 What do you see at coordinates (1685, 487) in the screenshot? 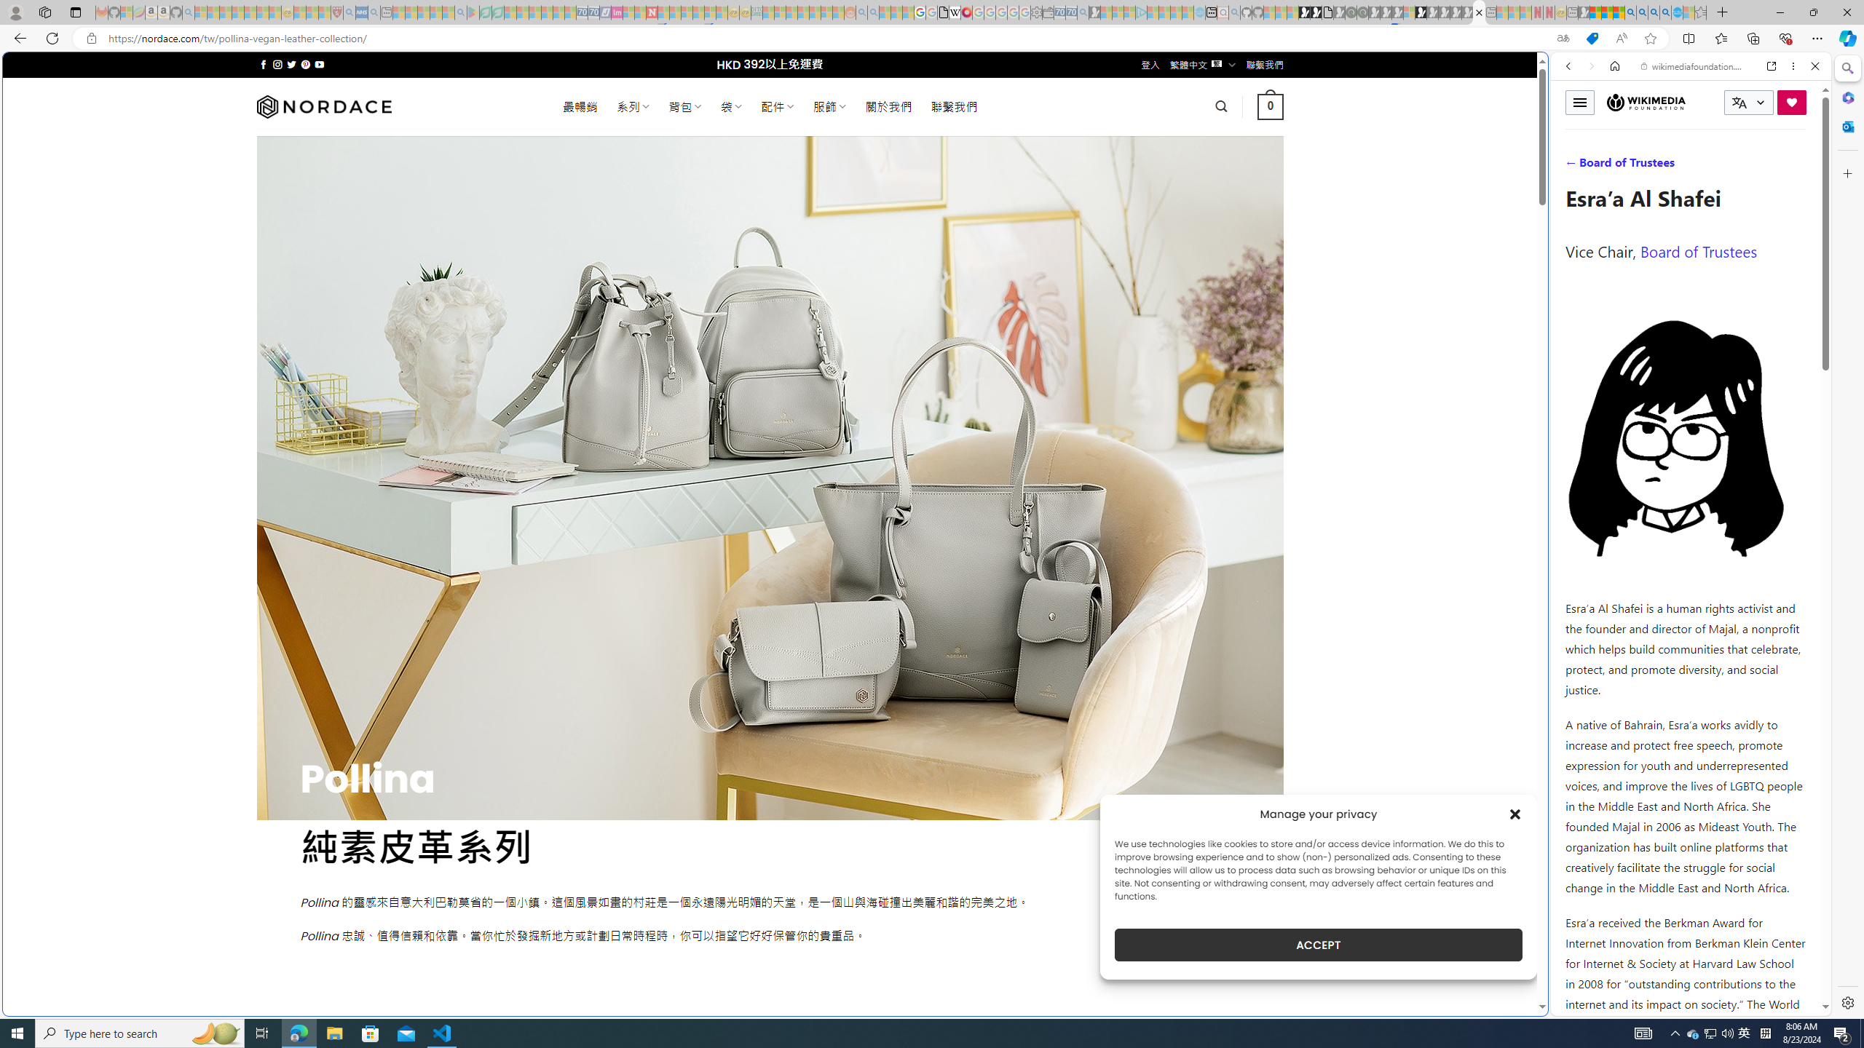
I see `'Wiktionary'` at bounding box center [1685, 487].